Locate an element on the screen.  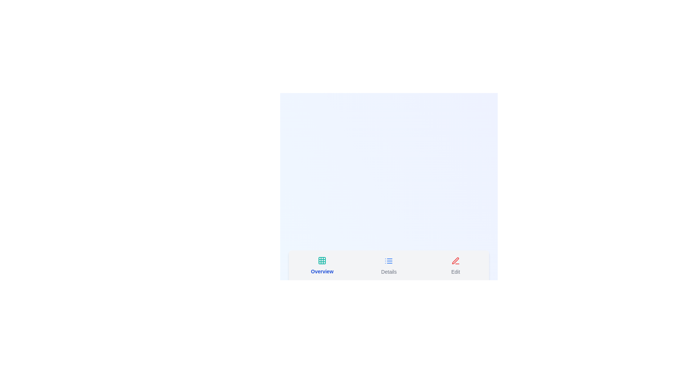
the tab labeled Overview by clicking on its button is located at coordinates (321, 265).